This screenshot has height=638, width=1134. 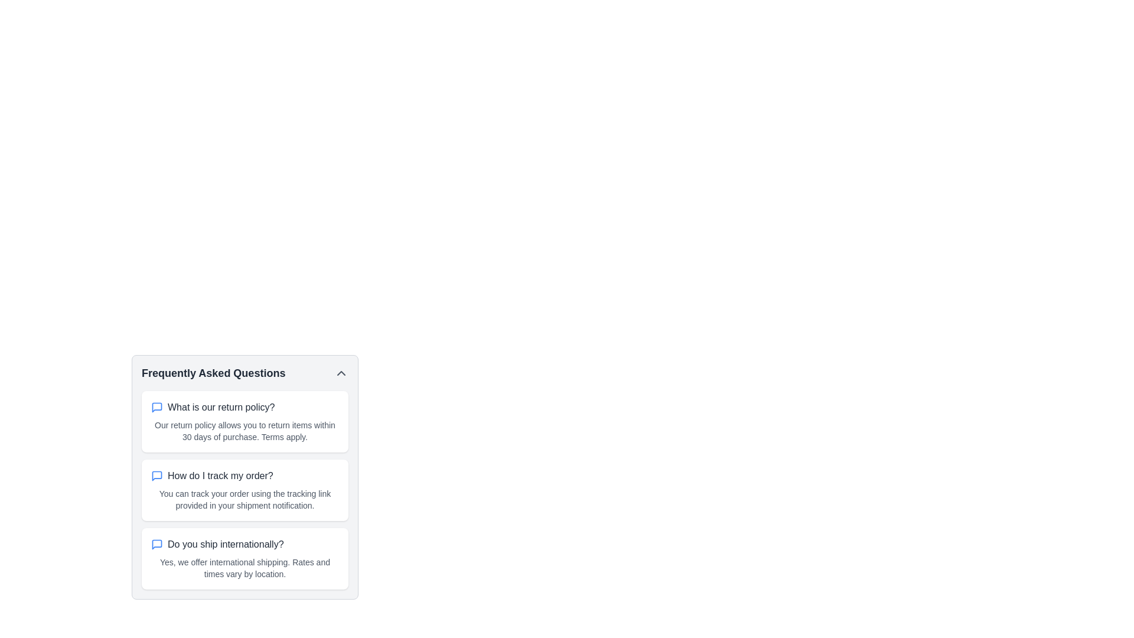 I want to click on the text block element that contains the message "You can track your order using the tracking link provided in your shipment notification." which is located under the question "How do I track my order?" in the FAQ section, so click(x=244, y=499).